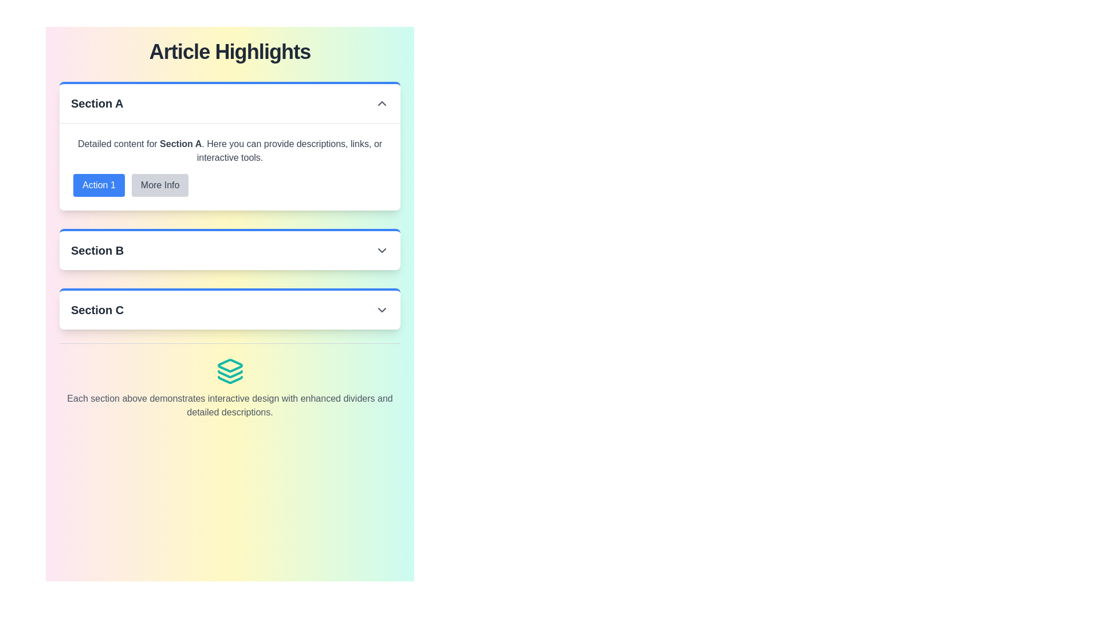 Image resolution: width=1100 pixels, height=618 pixels. Describe the element at coordinates (382, 250) in the screenshot. I see `the chevron icon located to the far right of the 'Section B' header text` at that location.